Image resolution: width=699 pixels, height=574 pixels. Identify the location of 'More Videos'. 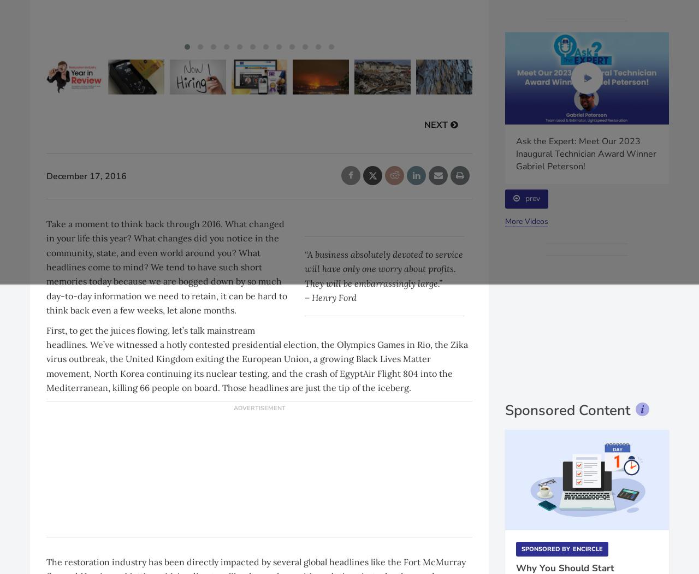
(526, 220).